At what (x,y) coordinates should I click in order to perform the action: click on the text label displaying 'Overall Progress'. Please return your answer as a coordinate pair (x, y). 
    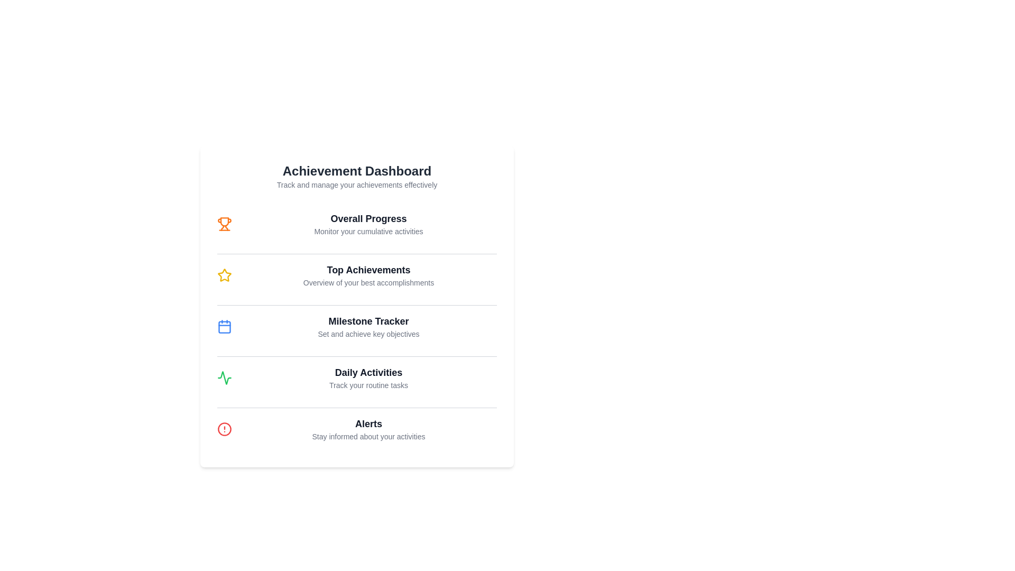
    Looking at the image, I should click on (368, 218).